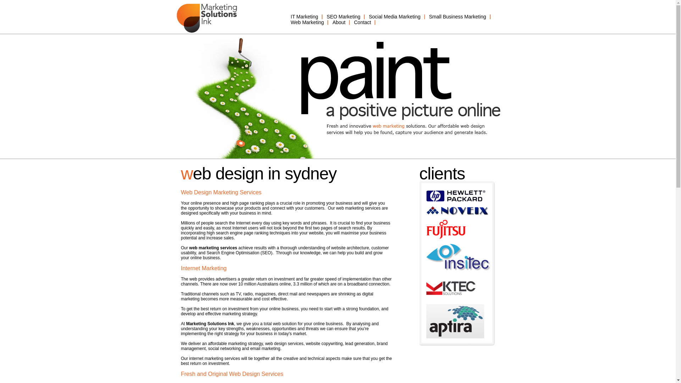 The height and width of the screenshot is (383, 681). Describe the element at coordinates (338, 22) in the screenshot. I see `'About'` at that location.